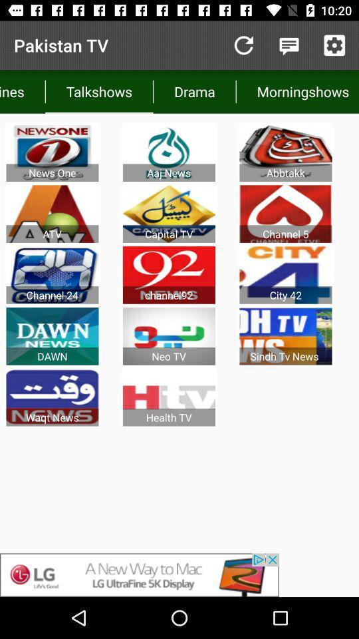 The width and height of the screenshot is (359, 639). What do you see at coordinates (334, 45) in the screenshot?
I see `settings` at bounding box center [334, 45].